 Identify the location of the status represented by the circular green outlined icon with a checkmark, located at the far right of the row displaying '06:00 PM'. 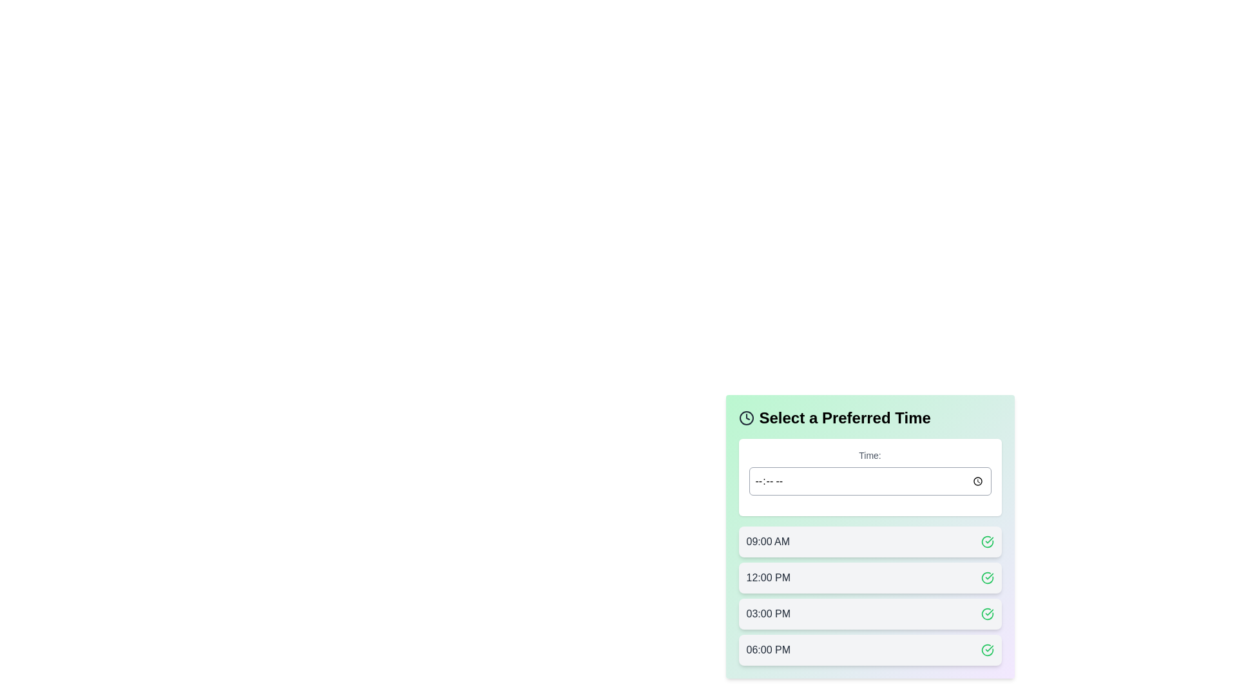
(986, 650).